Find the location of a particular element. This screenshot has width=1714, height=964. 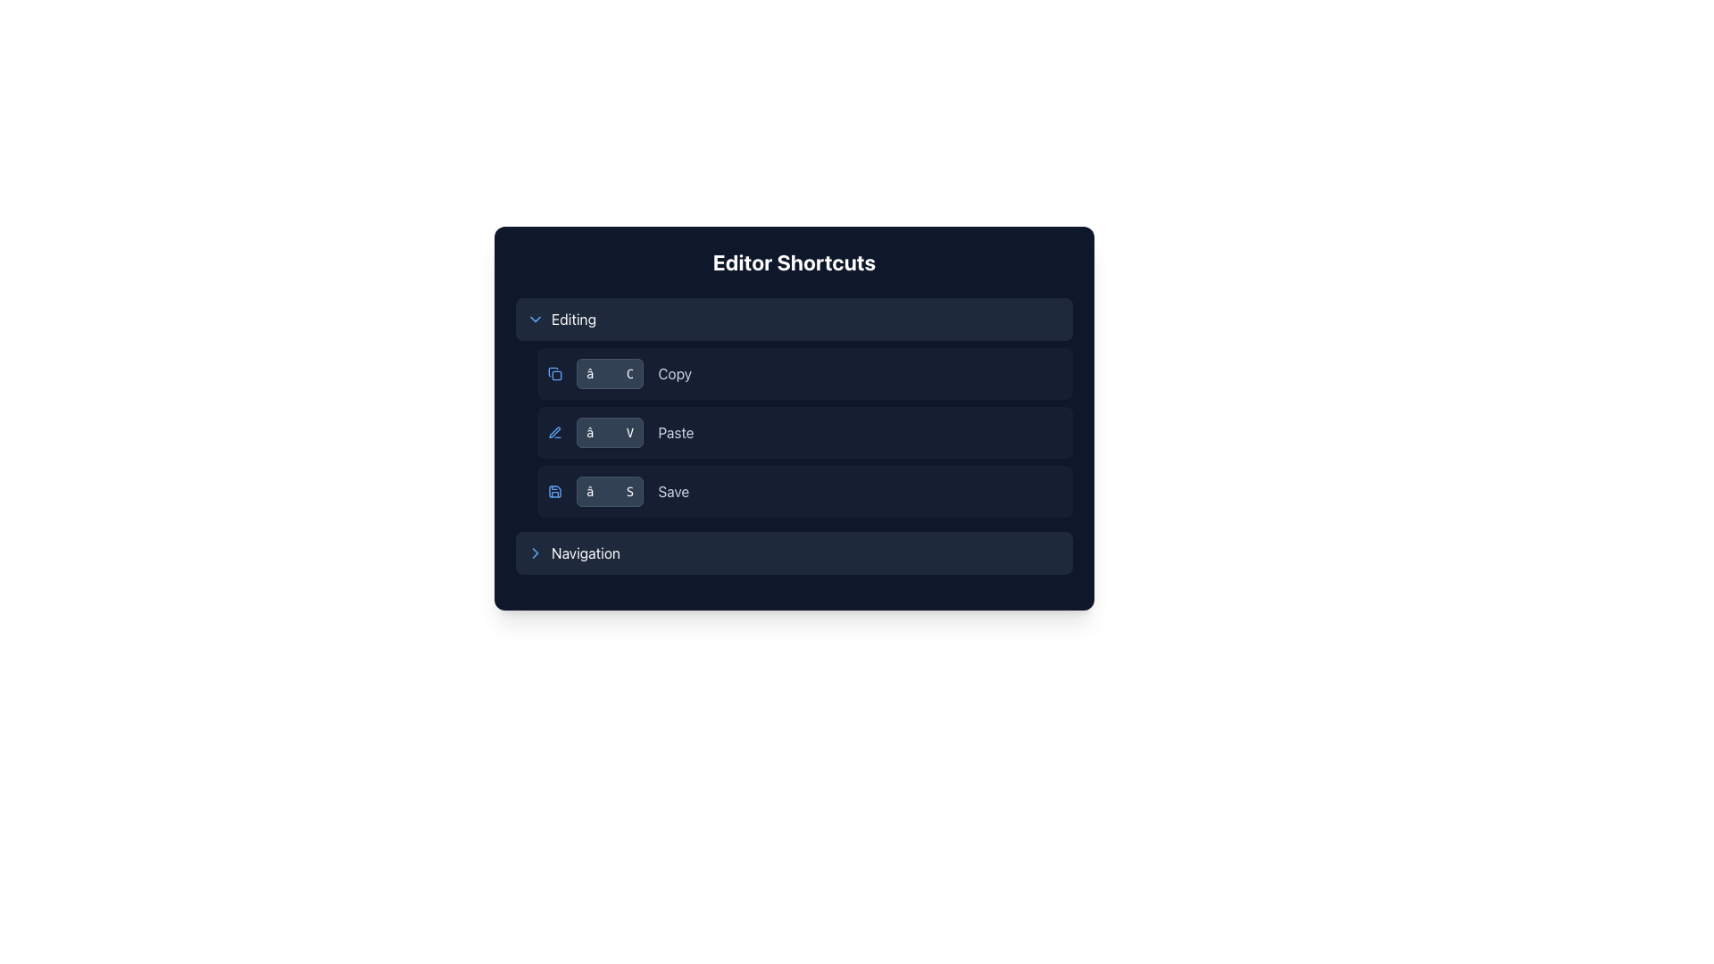

the pen or pencil tip icon in the middle column of the second row in the 'Editing' section, which represents the 'Paste' action is located at coordinates (553, 432).